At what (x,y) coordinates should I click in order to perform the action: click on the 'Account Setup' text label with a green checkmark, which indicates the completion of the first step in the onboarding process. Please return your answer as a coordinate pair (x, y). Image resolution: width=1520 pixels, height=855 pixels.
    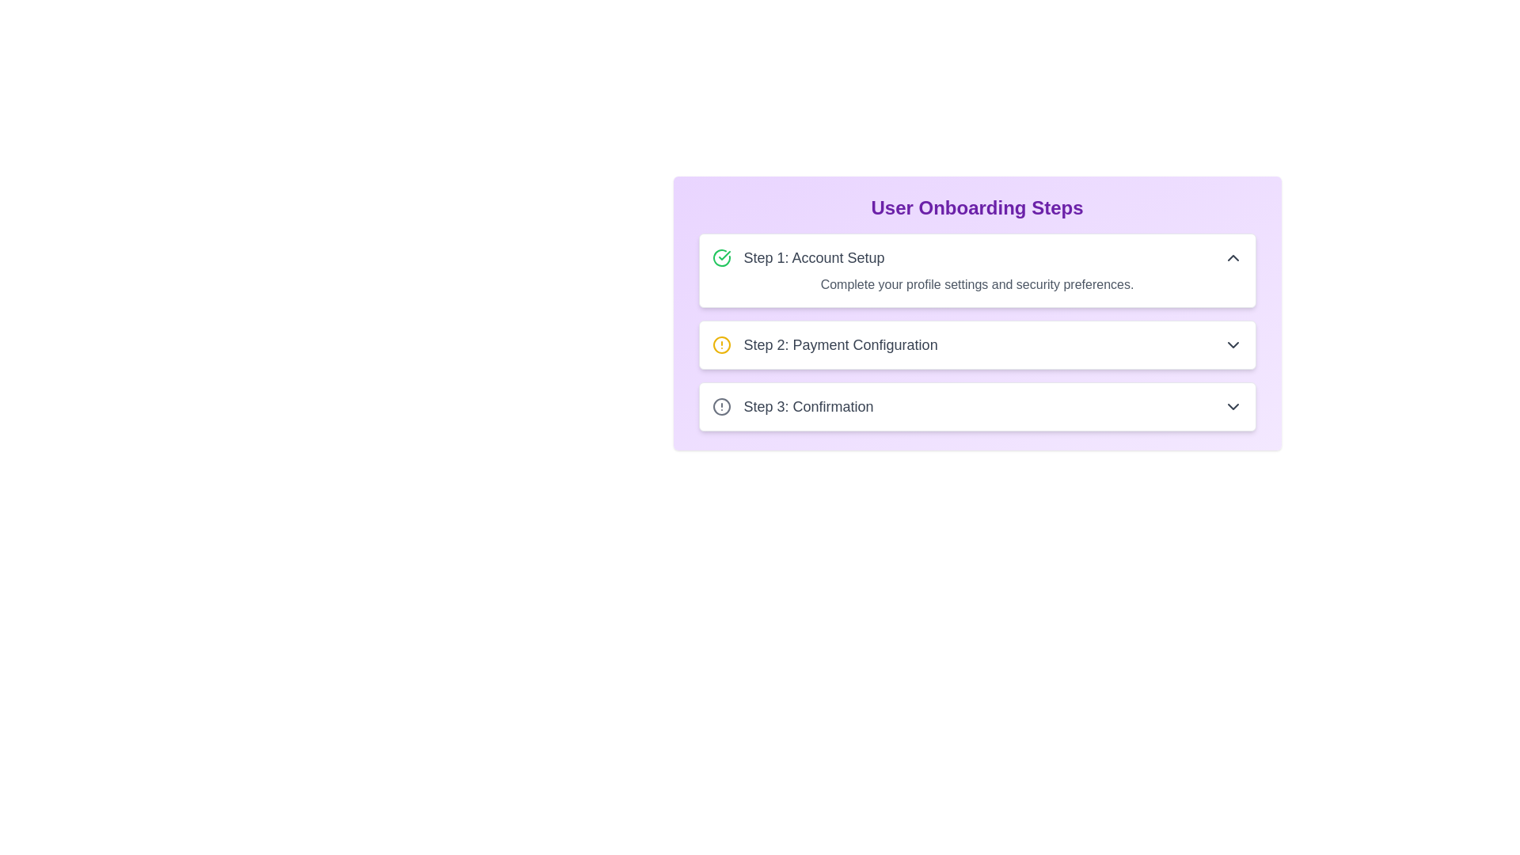
    Looking at the image, I should click on (798, 257).